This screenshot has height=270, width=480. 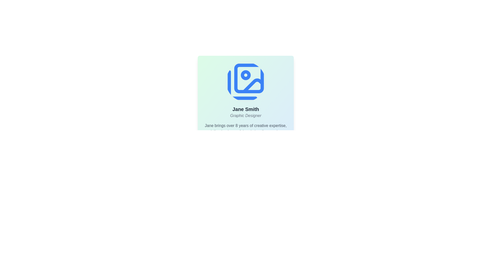 What do you see at coordinates (246, 131) in the screenshot?
I see `the Text element that provides a professional description of 'Jane Smith,' located beneath 'Graphic Designer' and above the '+1 987 654 321 Team Synergy' section` at bounding box center [246, 131].